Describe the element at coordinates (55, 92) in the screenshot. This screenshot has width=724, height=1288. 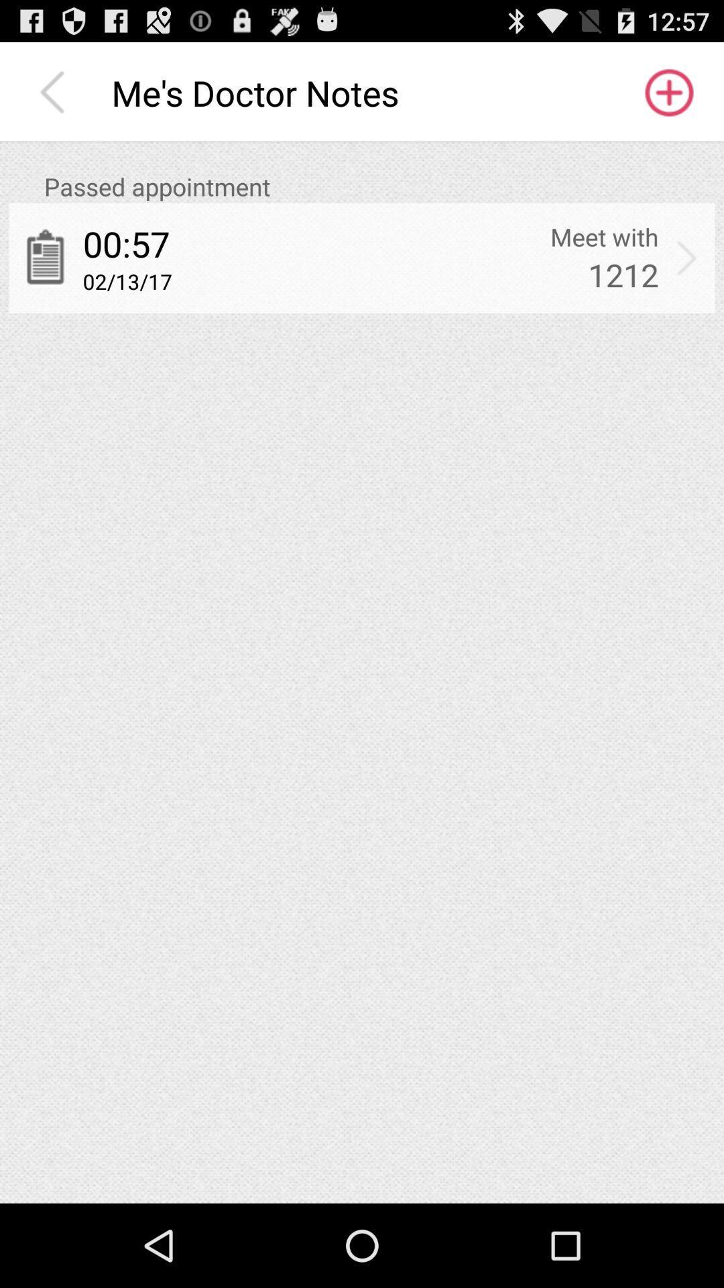
I see `the app above the passed appointment item` at that location.